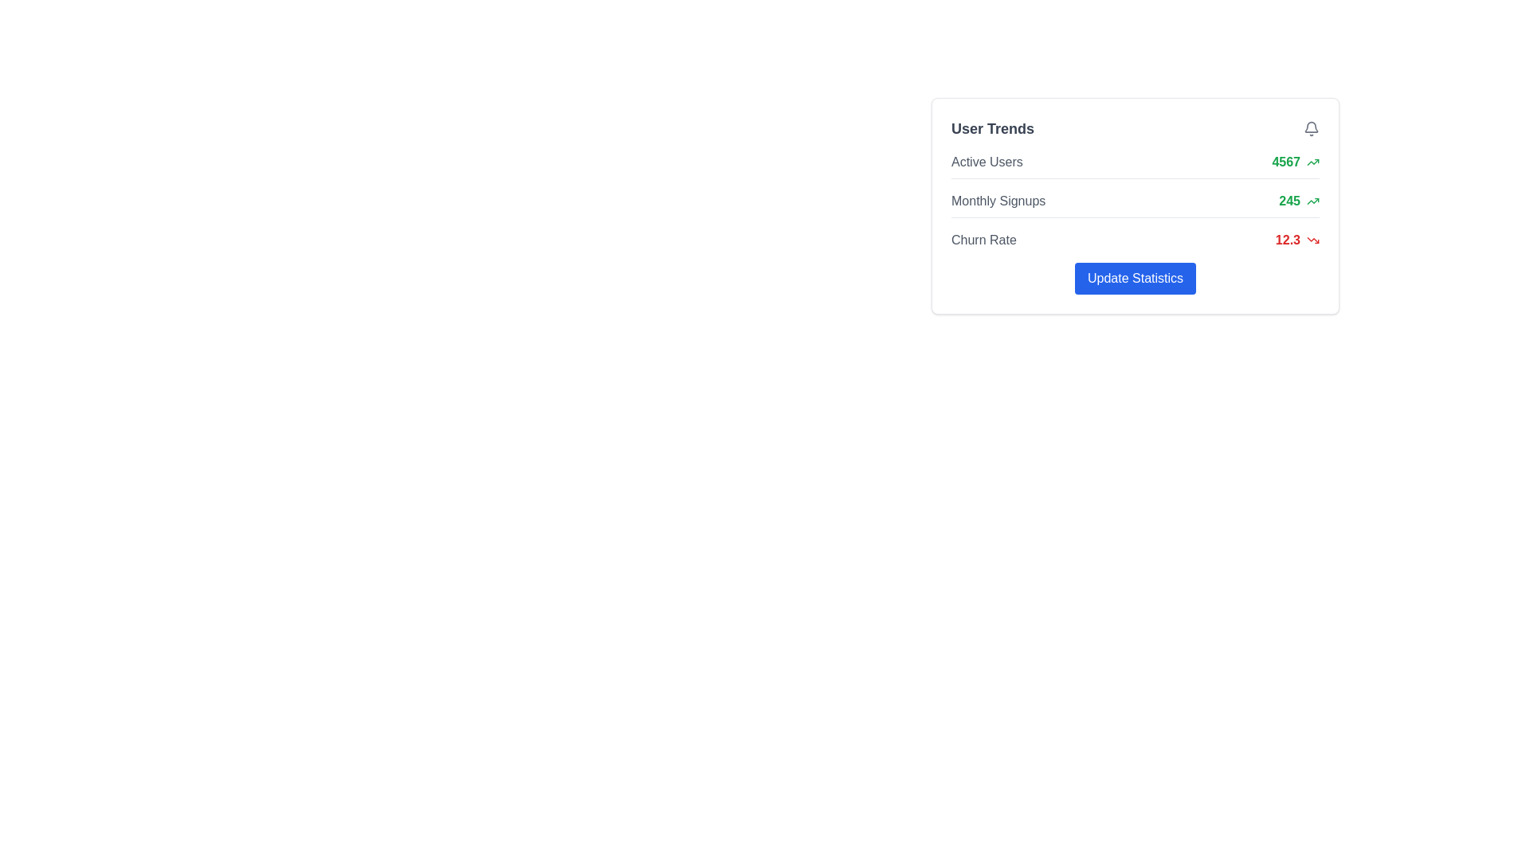 This screenshot has width=1530, height=860. What do you see at coordinates (1312, 128) in the screenshot?
I see `the notification bell icon located at the top-right corner of the 'User Trends' card for any changes in notifications or alerts` at bounding box center [1312, 128].